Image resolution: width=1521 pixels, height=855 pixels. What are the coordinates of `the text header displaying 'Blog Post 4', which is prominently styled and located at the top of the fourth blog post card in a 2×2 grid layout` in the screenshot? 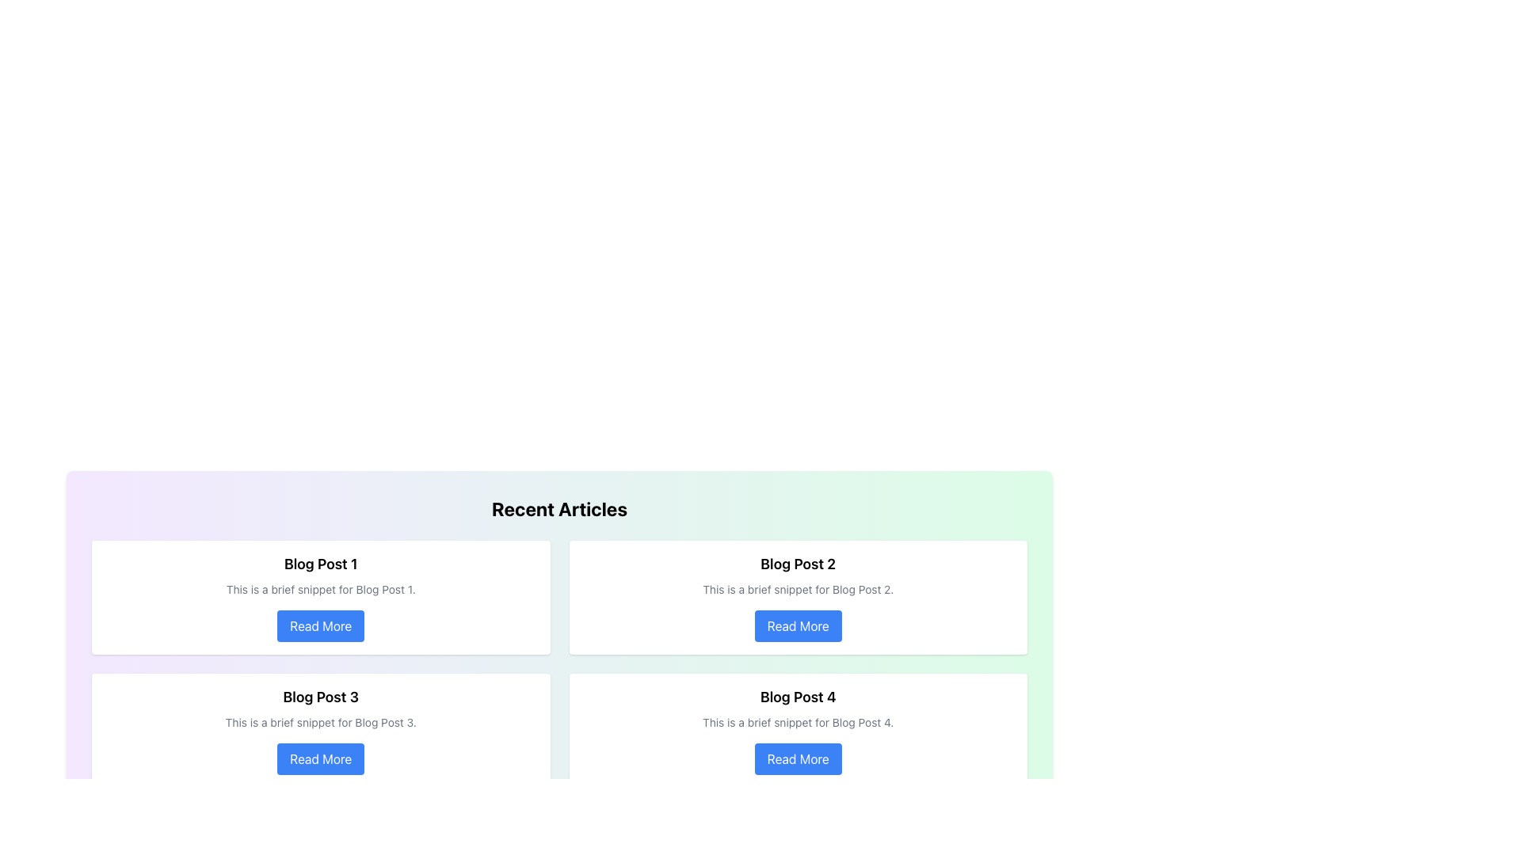 It's located at (798, 696).